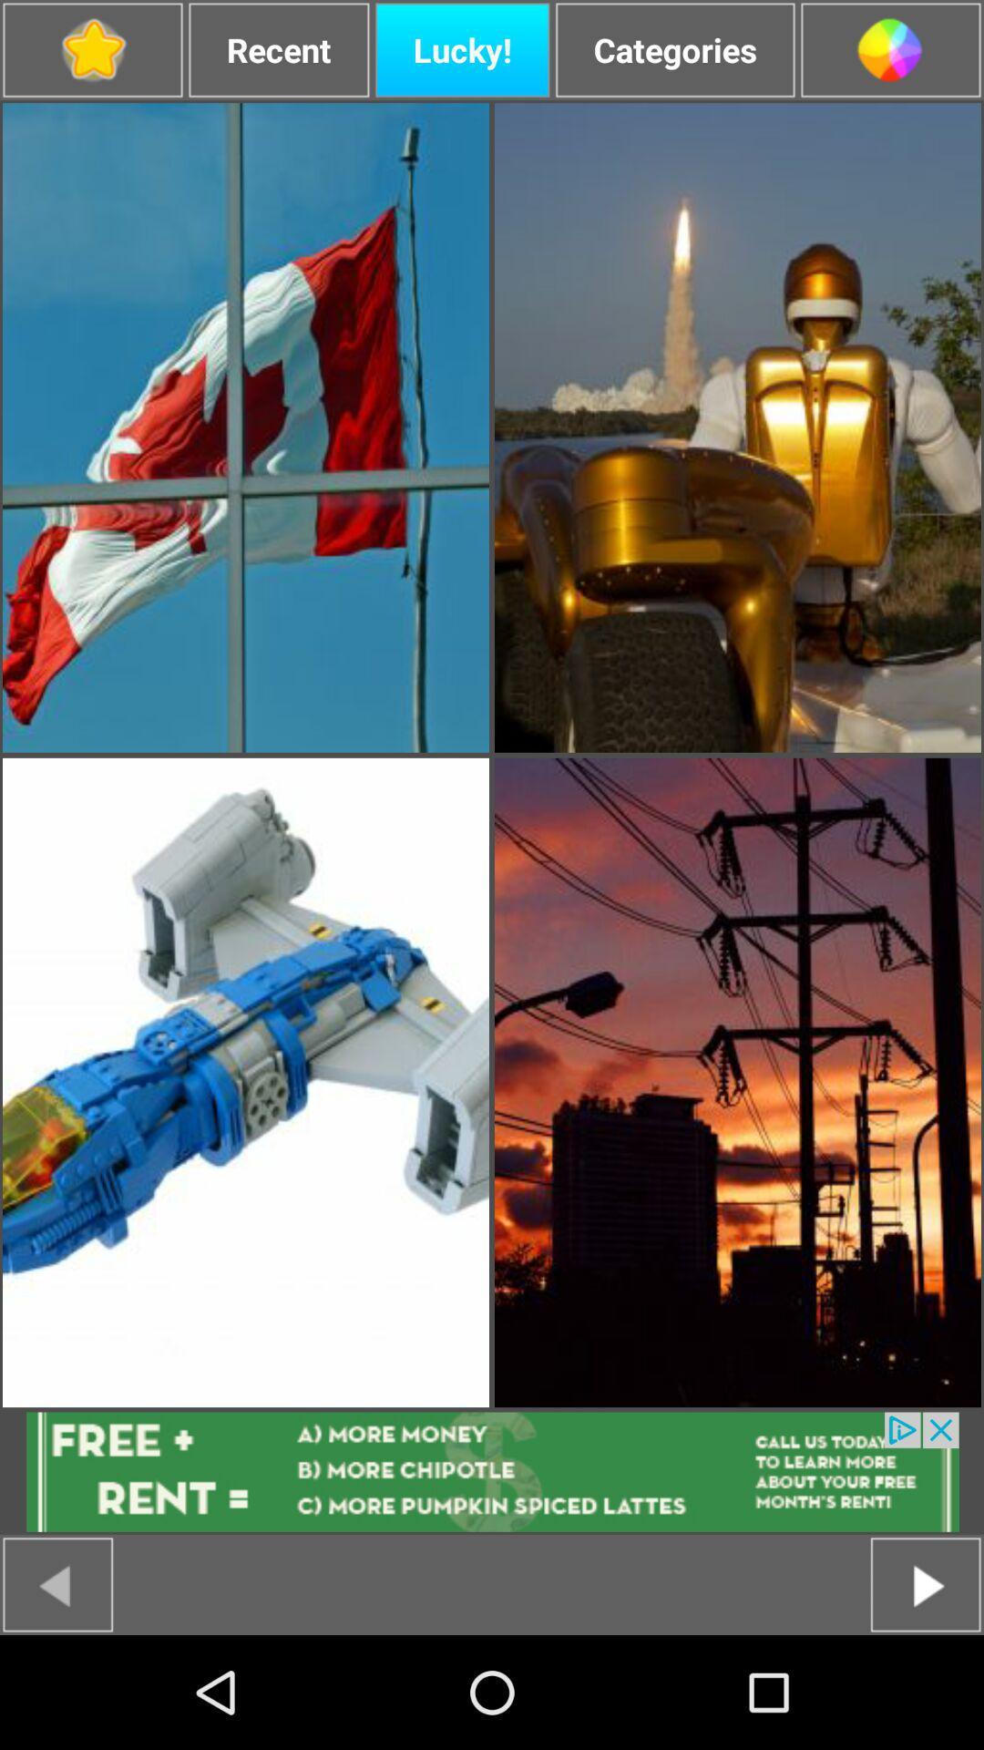  Describe the element at coordinates (926, 1695) in the screenshot. I see `the play icon` at that location.